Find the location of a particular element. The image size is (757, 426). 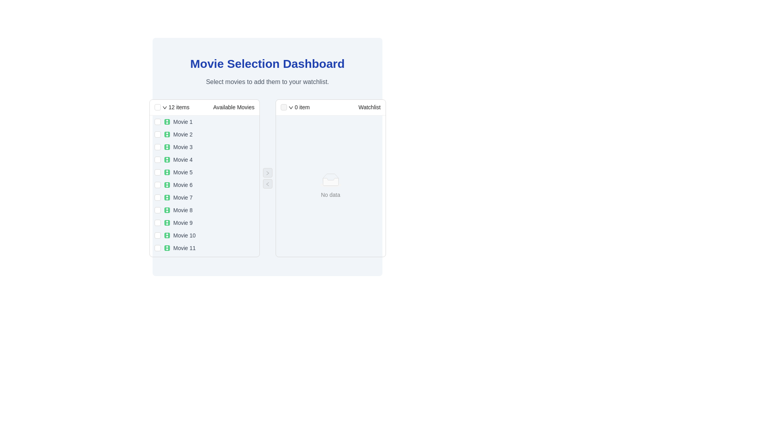

the list item labeled 'Movie 4' with a checkbox is located at coordinates (204, 160).